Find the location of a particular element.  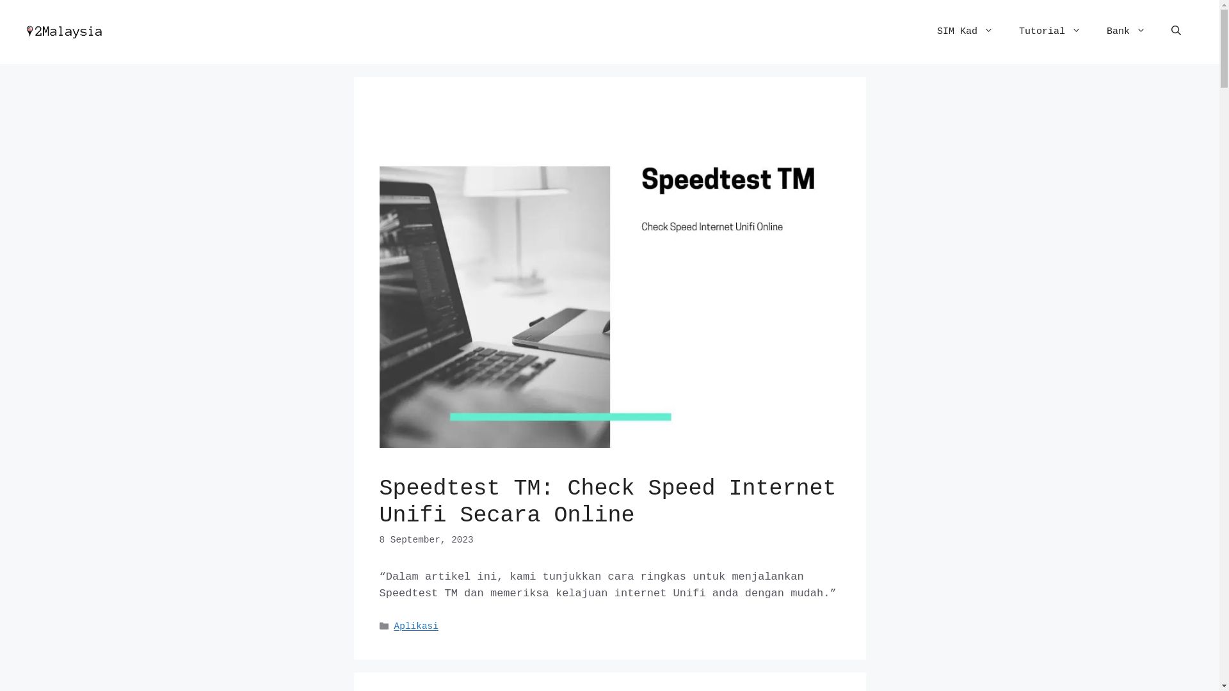

'Bank' is located at coordinates (1125, 31).